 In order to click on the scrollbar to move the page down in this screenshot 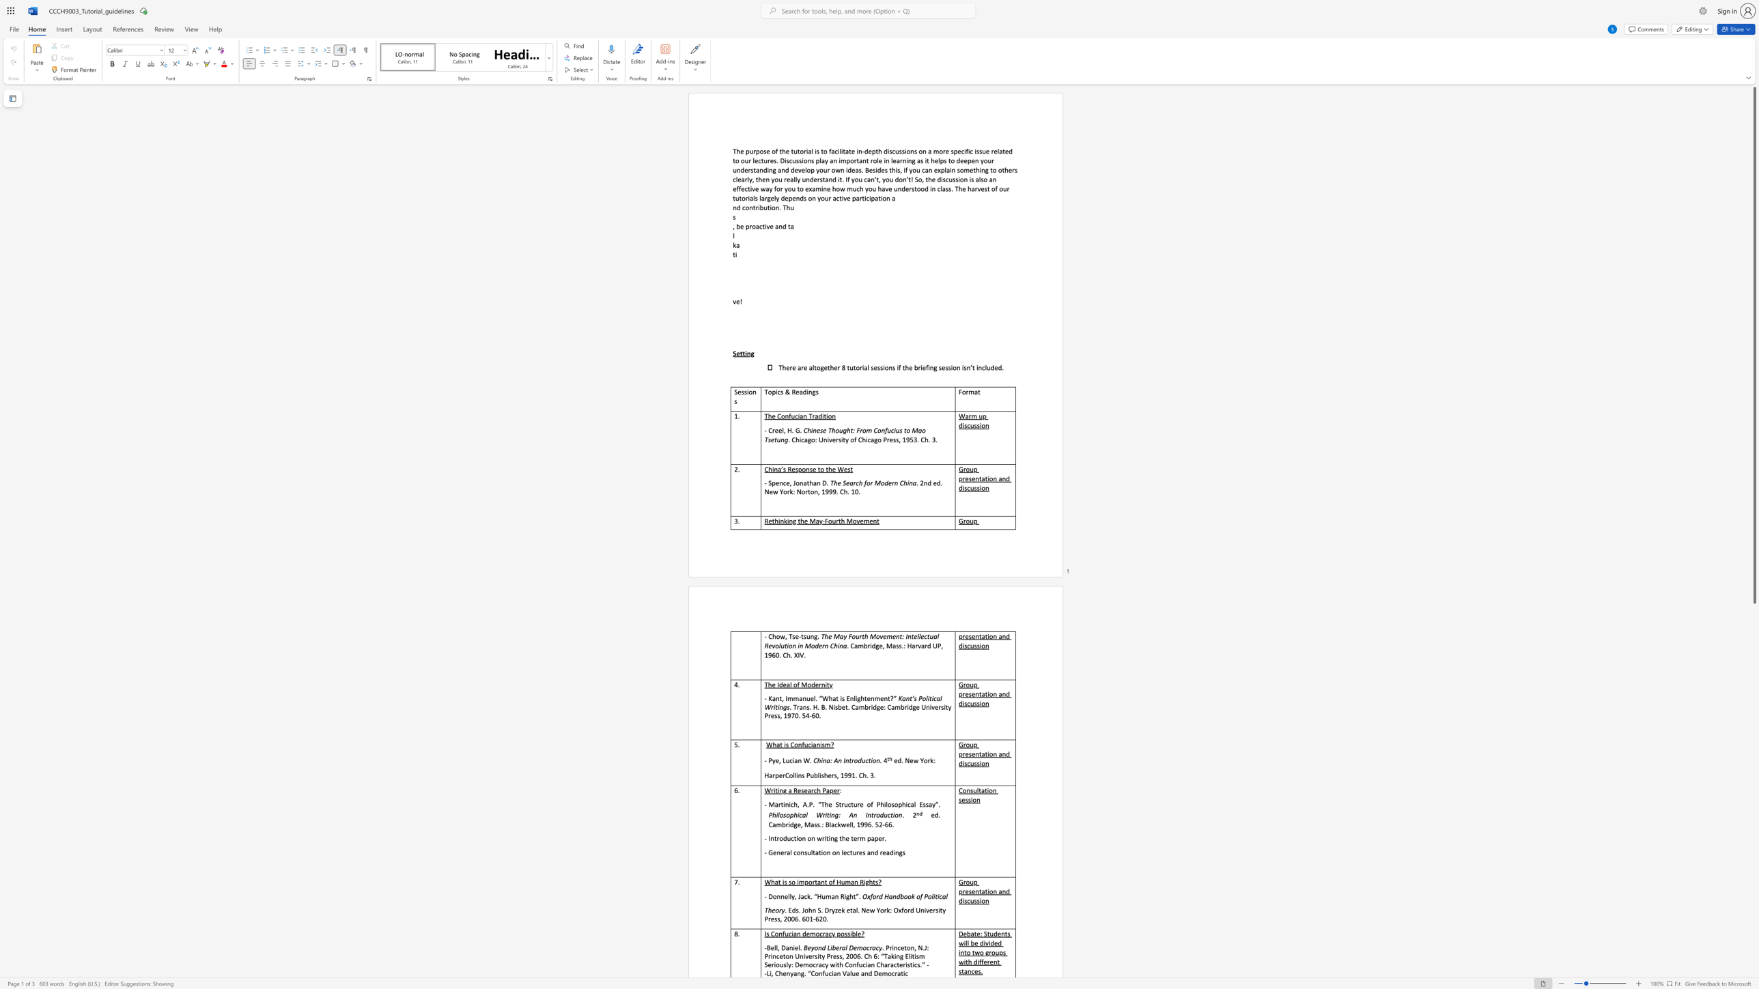, I will do `click(1754, 874)`.